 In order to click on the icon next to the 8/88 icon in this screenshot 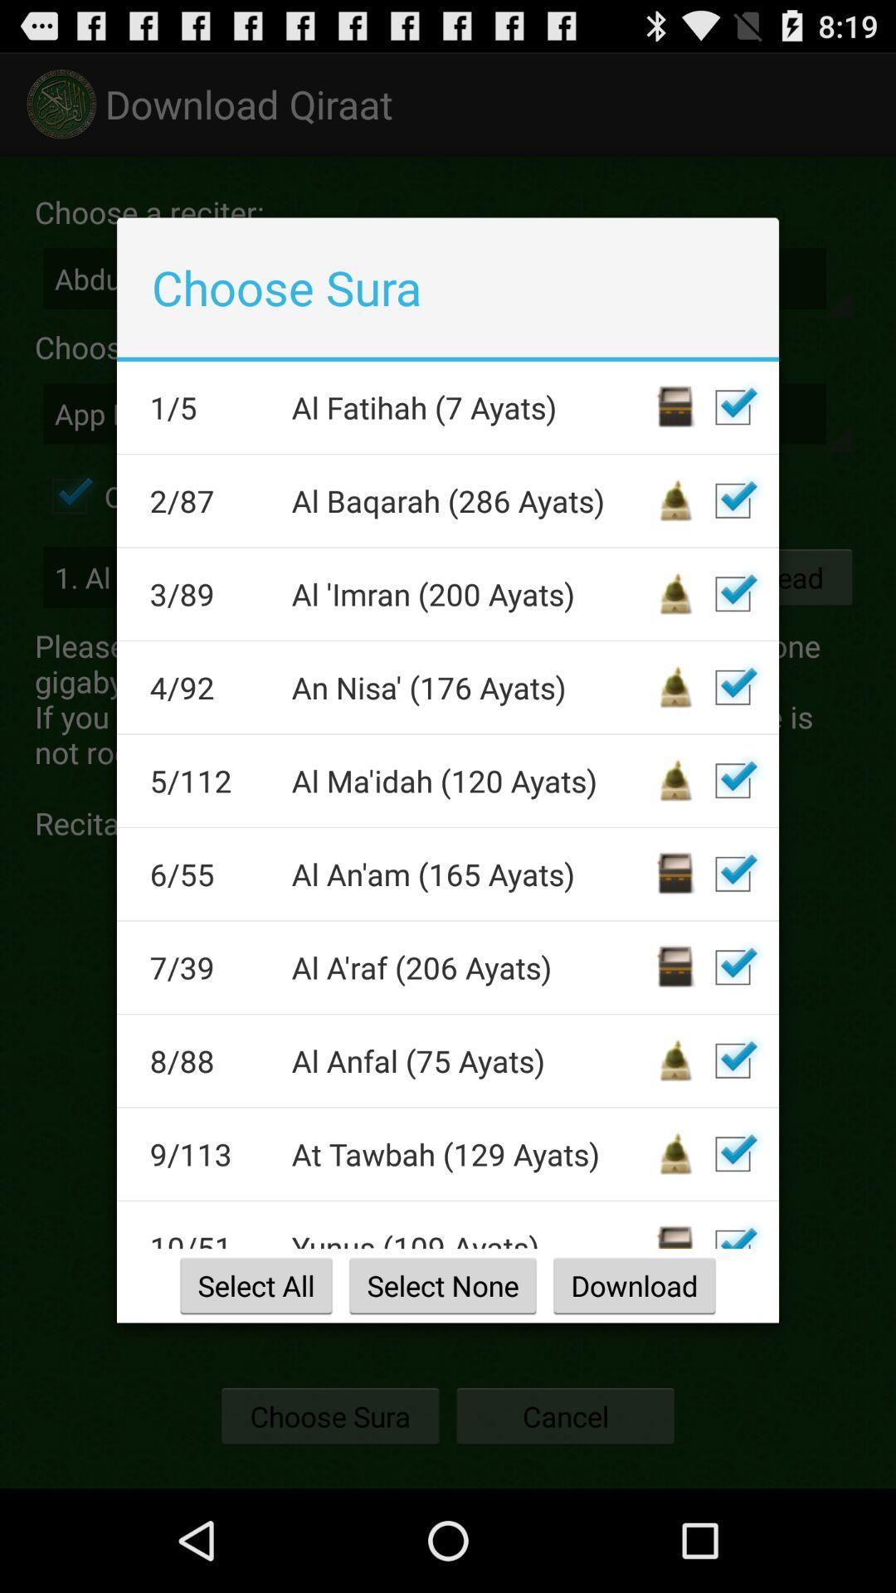, I will do `click(471, 1060)`.